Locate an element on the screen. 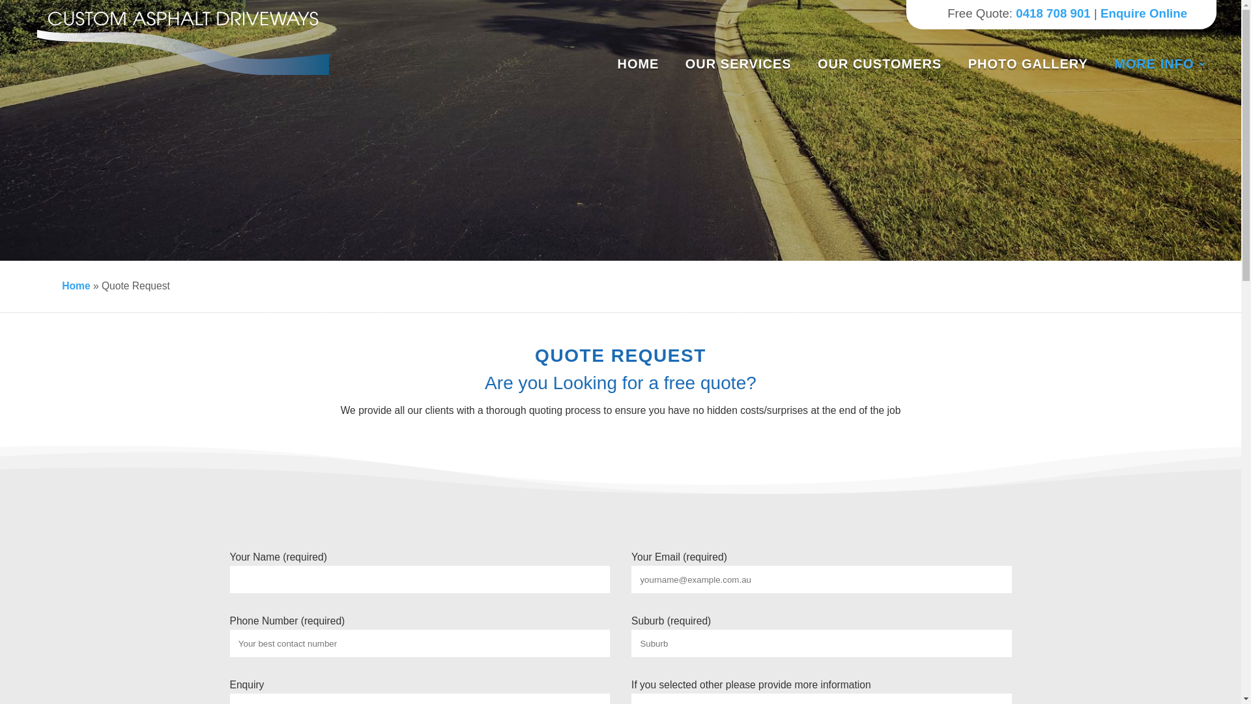  'OUR CUSTOMERS' is located at coordinates (885, 63).